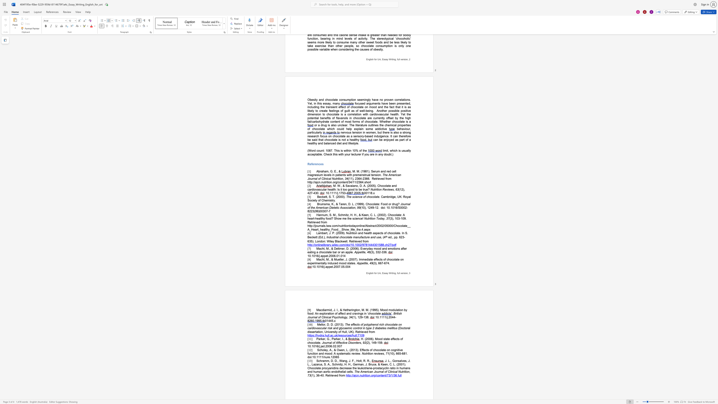 The image size is (718, 404). What do you see at coordinates (376, 263) in the screenshot?
I see `the space between the continuous character ")" and "," in the text` at bounding box center [376, 263].